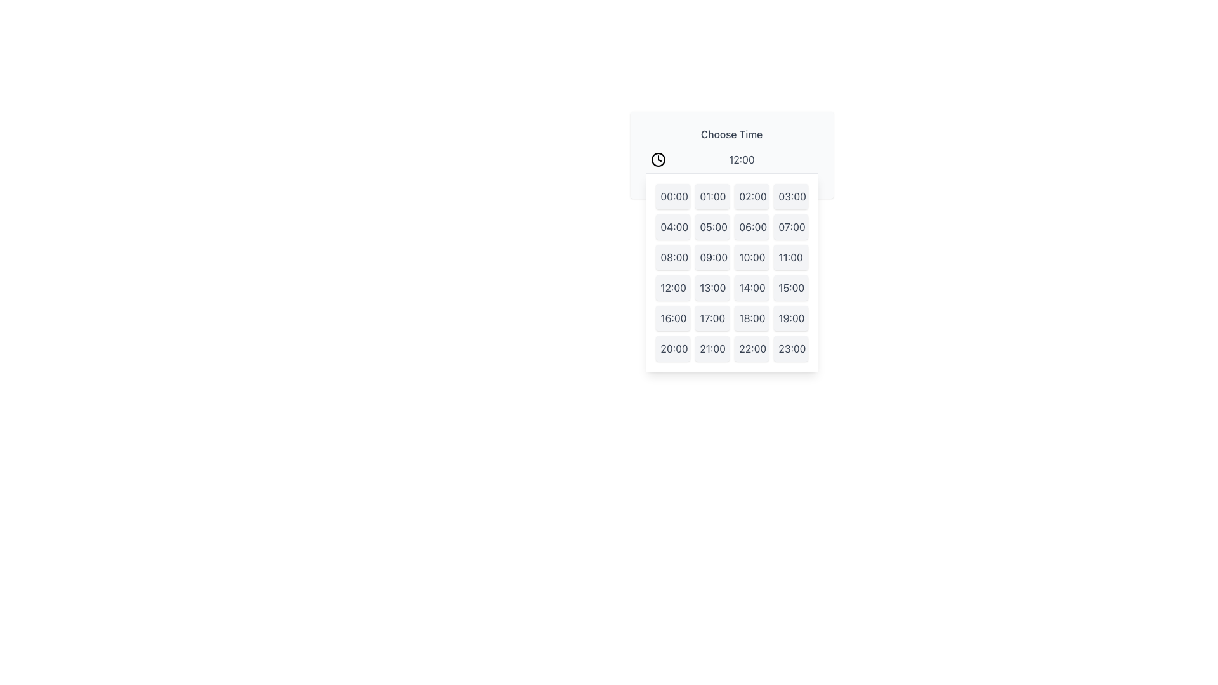 Image resolution: width=1218 pixels, height=685 pixels. Describe the element at coordinates (790, 257) in the screenshot. I see `the button displaying '11:00' with a light gray background and dark gray text` at that location.